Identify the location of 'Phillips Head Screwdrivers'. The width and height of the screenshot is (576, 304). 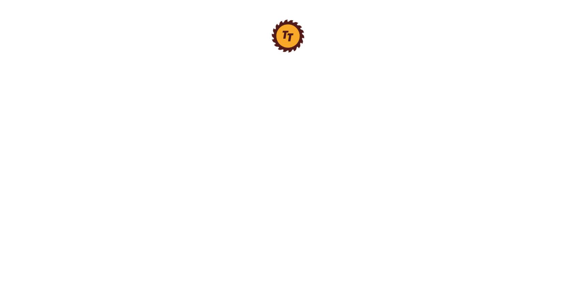
(217, 45).